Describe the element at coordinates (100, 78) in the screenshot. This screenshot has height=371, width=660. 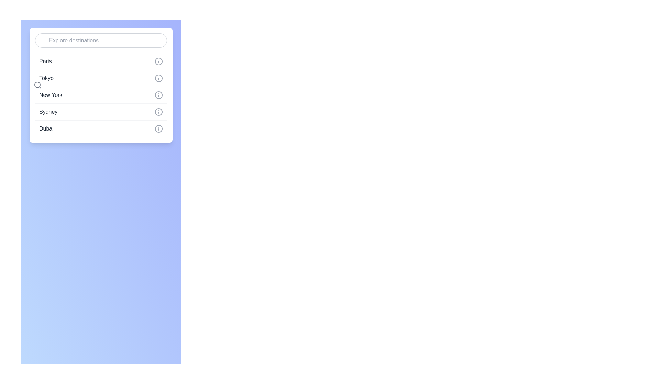
I see `the list item labeled 'Tokyo', which is the second item in the dropdown card list, positioned between 'Paris' and 'New York'` at that location.